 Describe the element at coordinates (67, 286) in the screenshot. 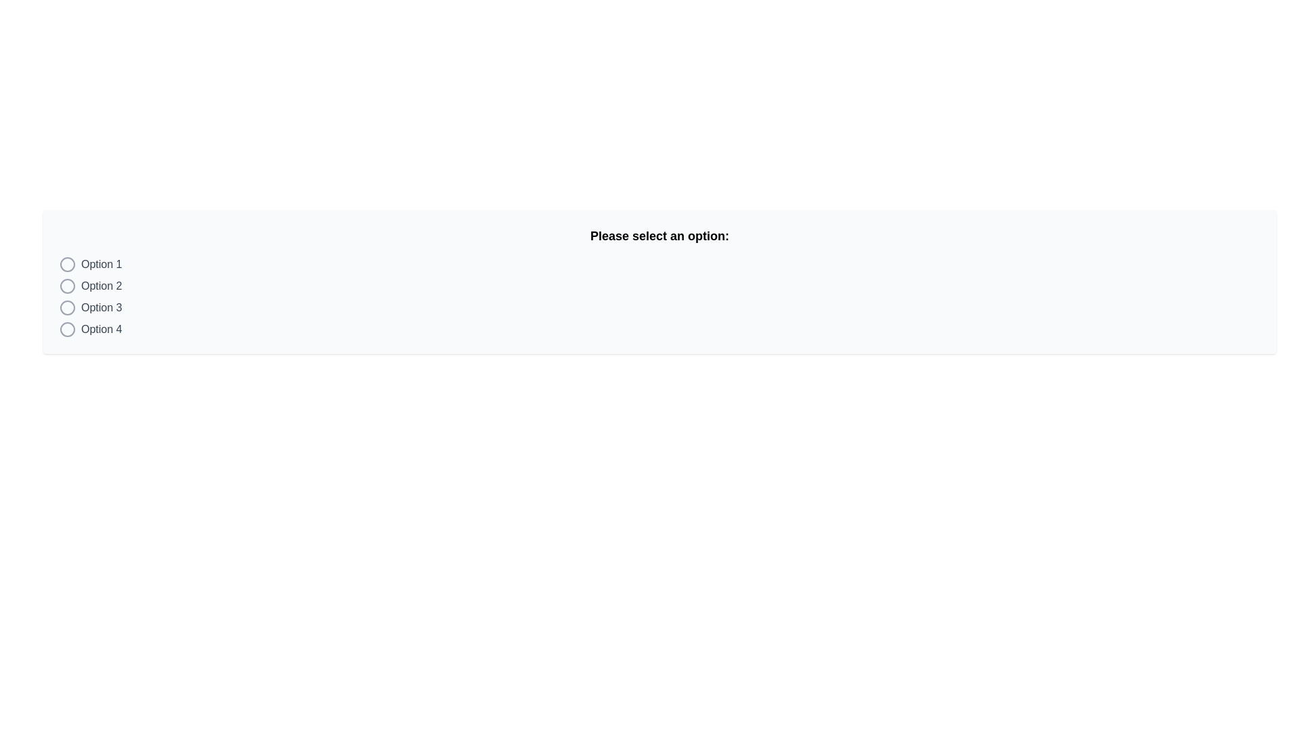

I see `the active radio button labeled 'Option 2' to deselect it` at that location.